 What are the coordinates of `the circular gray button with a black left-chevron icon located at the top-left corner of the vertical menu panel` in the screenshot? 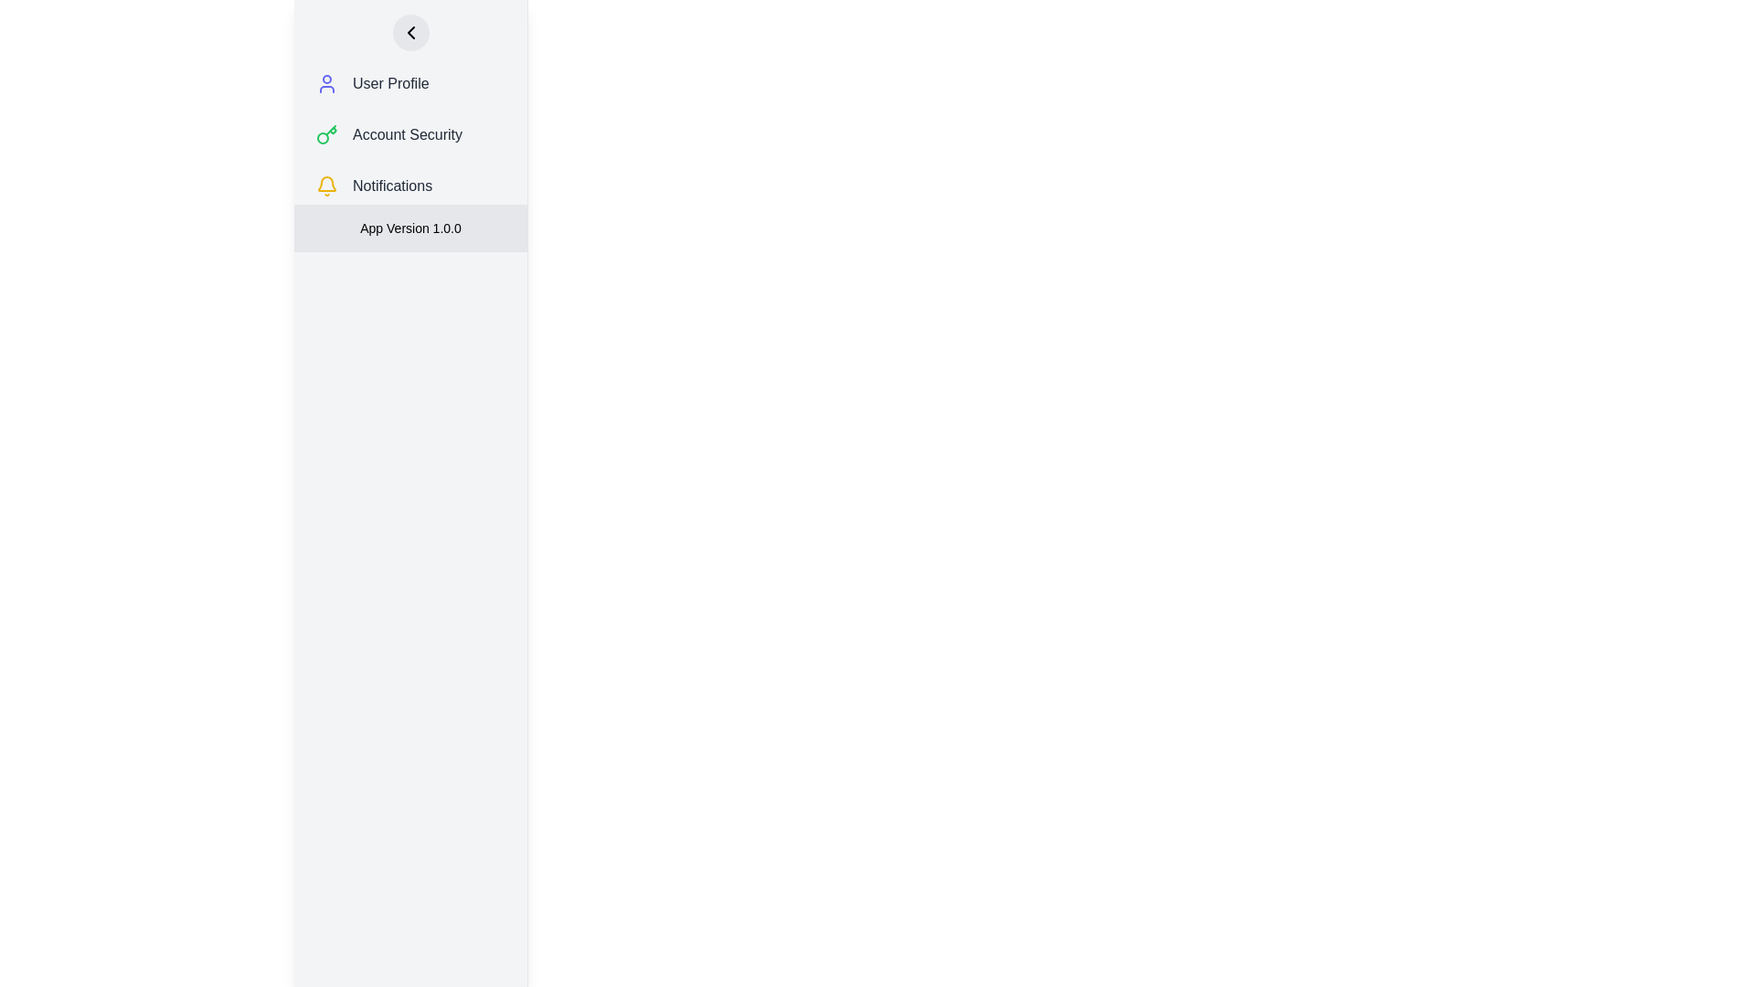 It's located at (409, 32).